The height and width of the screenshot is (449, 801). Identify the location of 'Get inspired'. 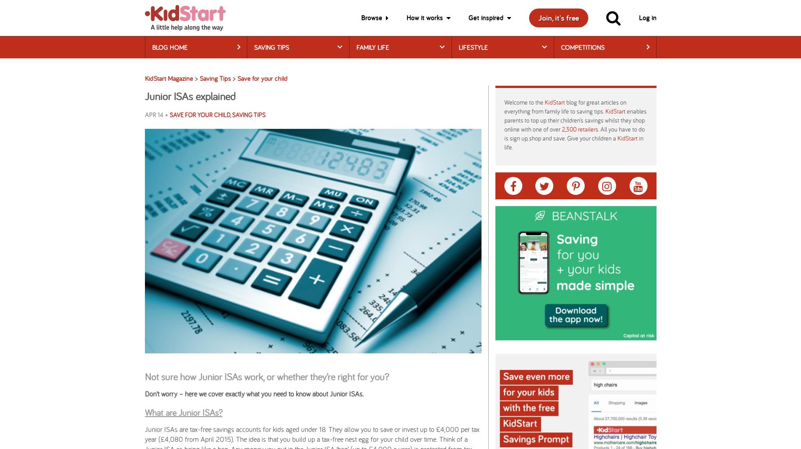
(486, 18).